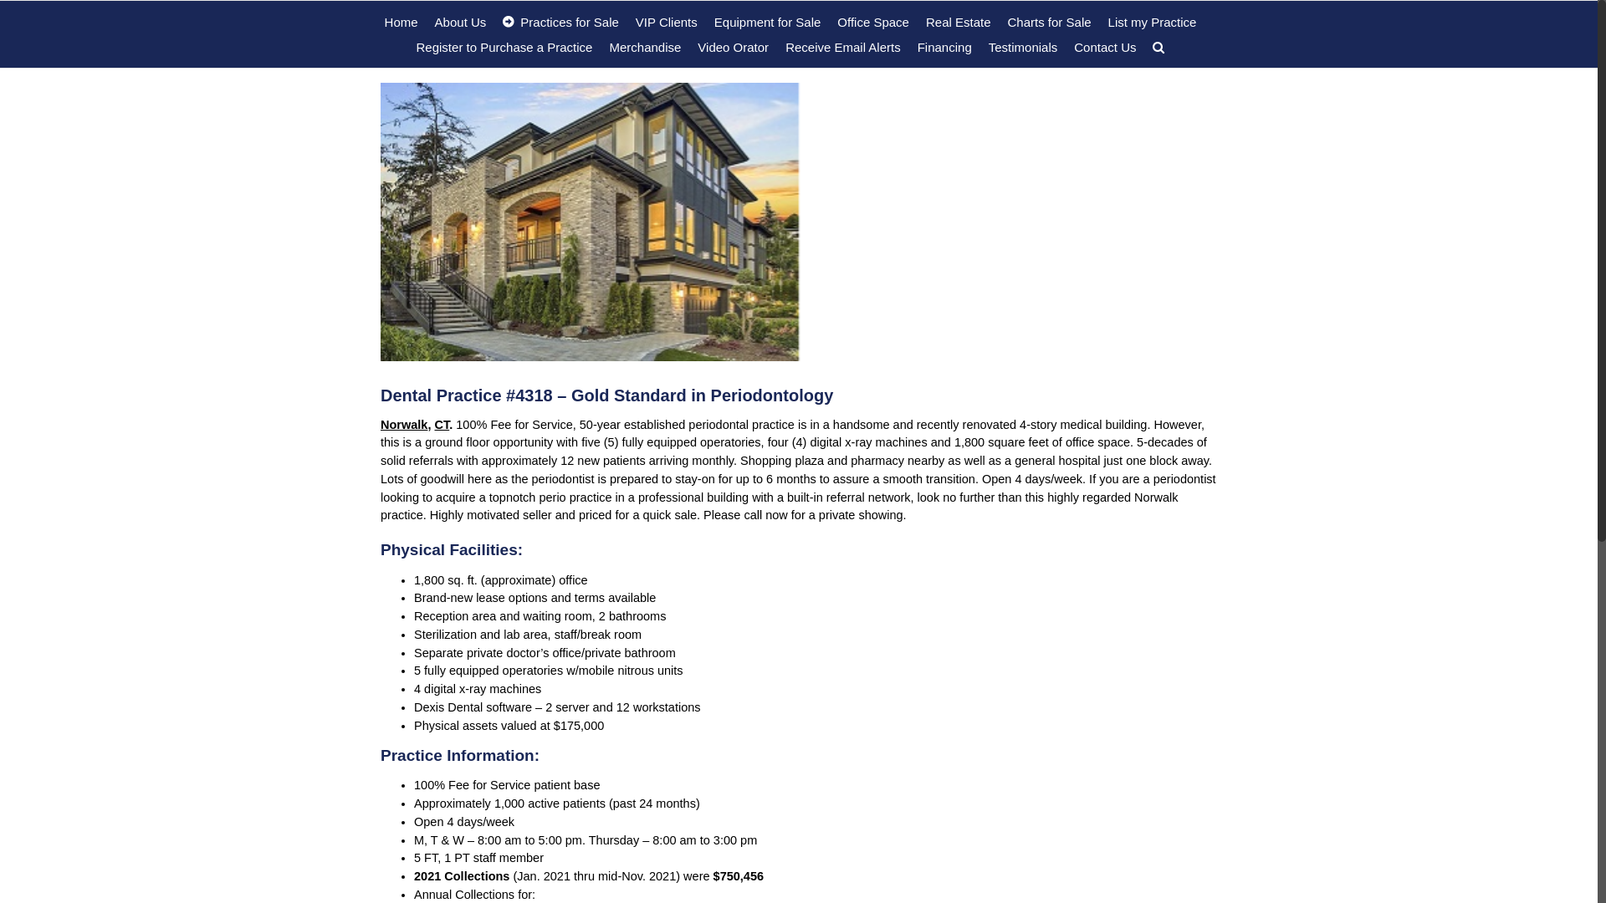  What do you see at coordinates (560, 22) in the screenshot?
I see `'Practices for Sale'` at bounding box center [560, 22].